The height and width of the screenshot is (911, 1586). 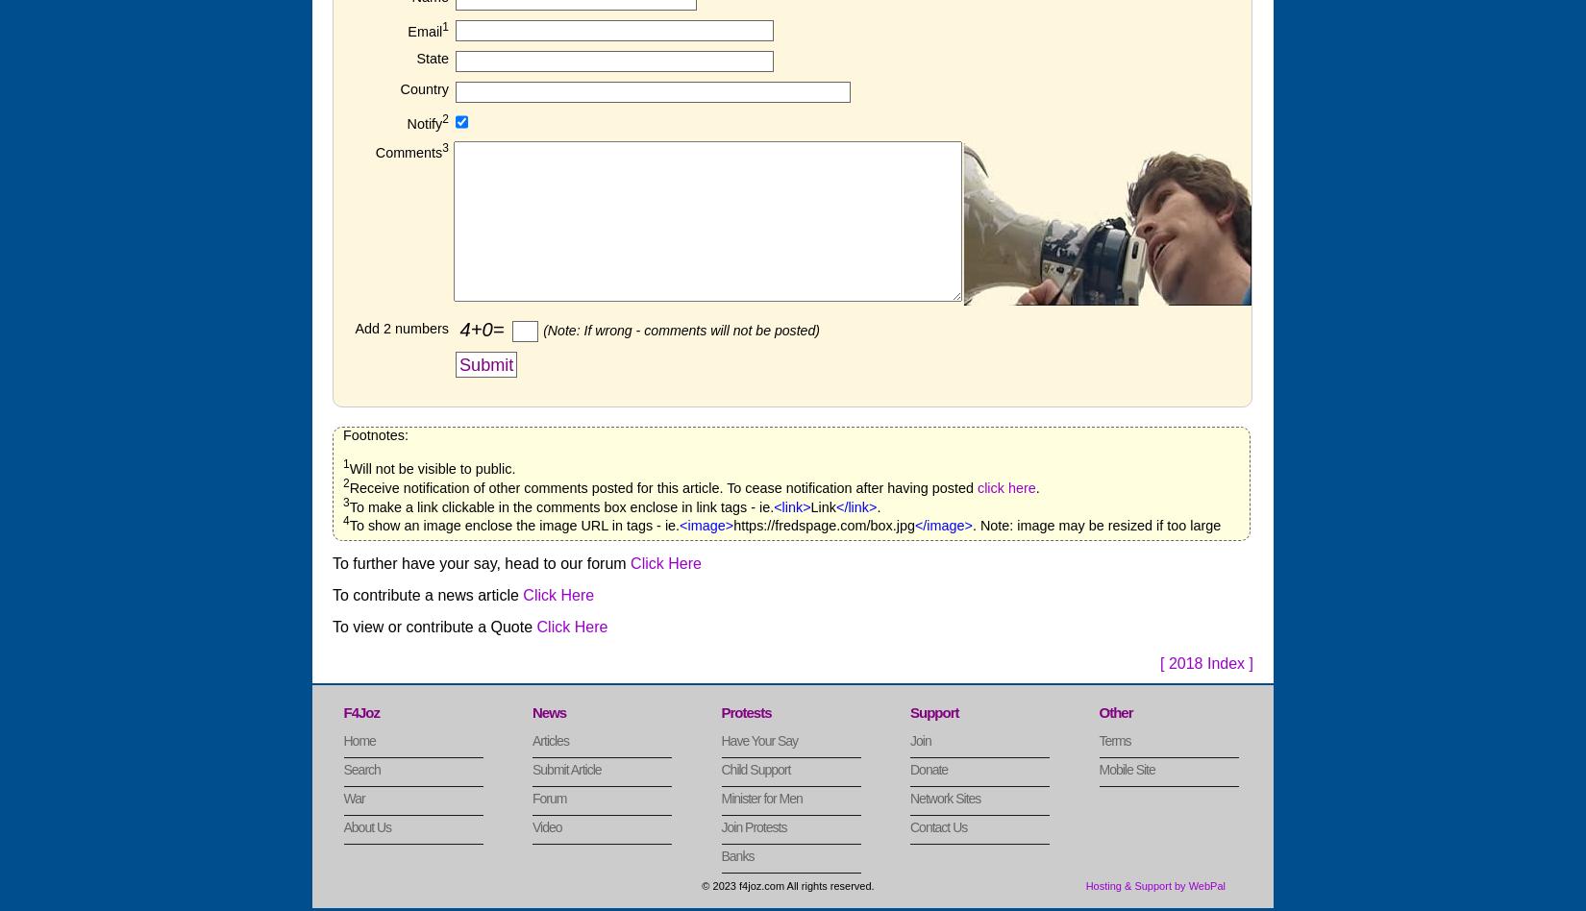 I want to click on 'Will not be visible to public.', so click(x=431, y=467).